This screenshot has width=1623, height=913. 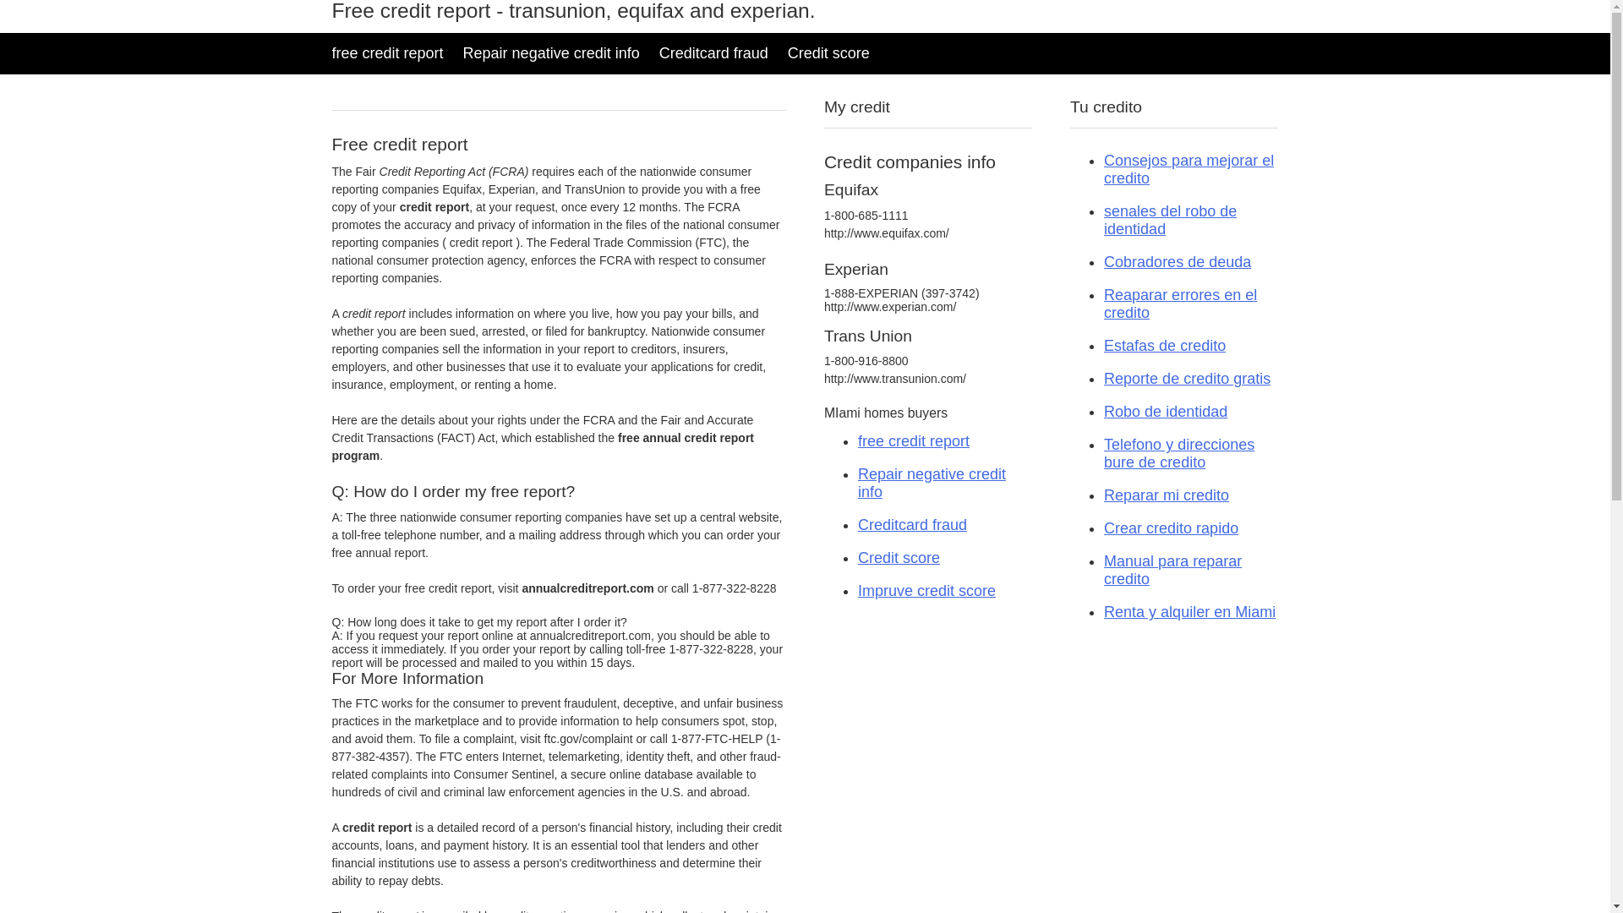 What do you see at coordinates (857, 557) in the screenshot?
I see `'Credit score'` at bounding box center [857, 557].